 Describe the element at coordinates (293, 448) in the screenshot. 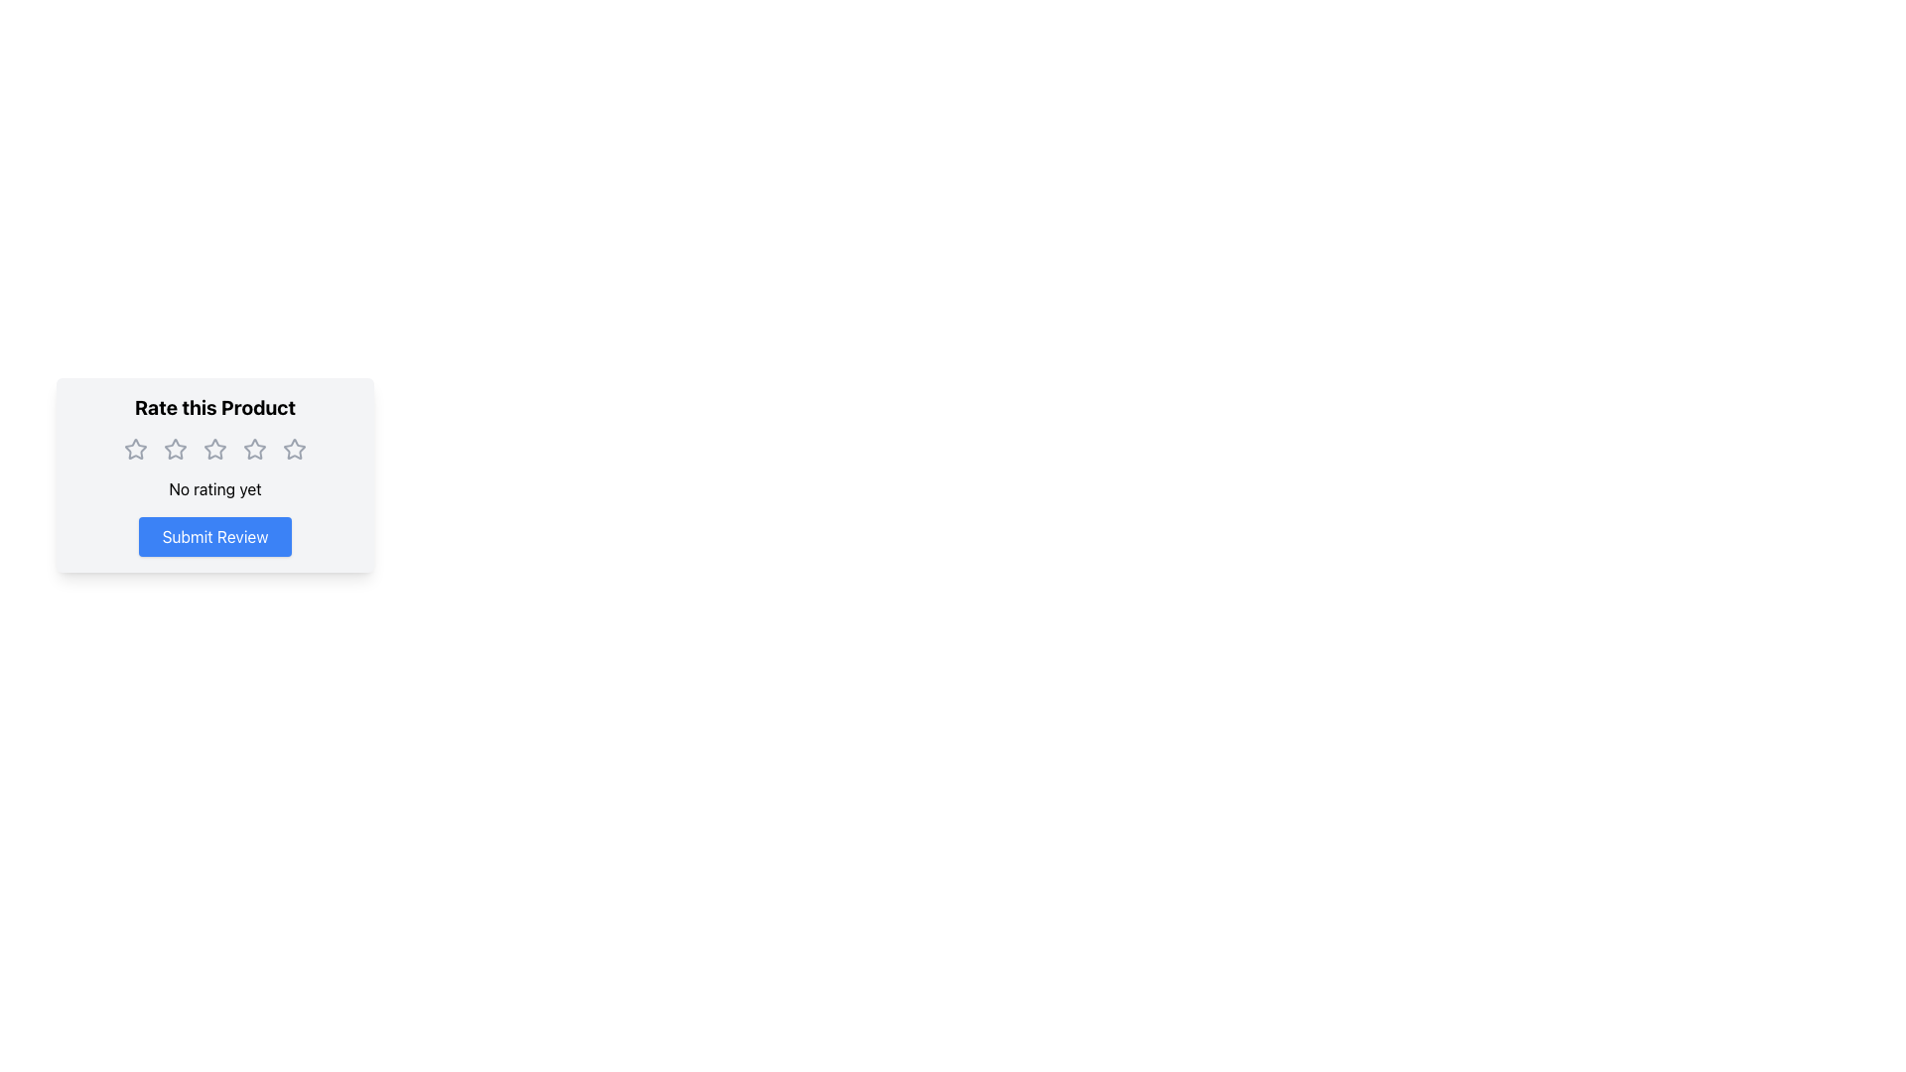

I see `the fifth star icon` at that location.